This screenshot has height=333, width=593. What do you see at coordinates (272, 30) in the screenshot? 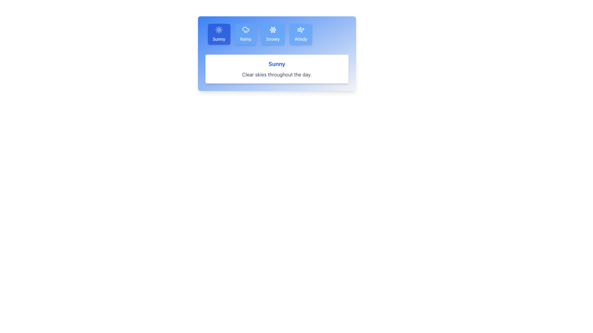
I see `the snowflake icon with a white outline on a blue background, which is located within the 'Snowy' button, the third button from the left in a row of four buttons` at bounding box center [272, 30].